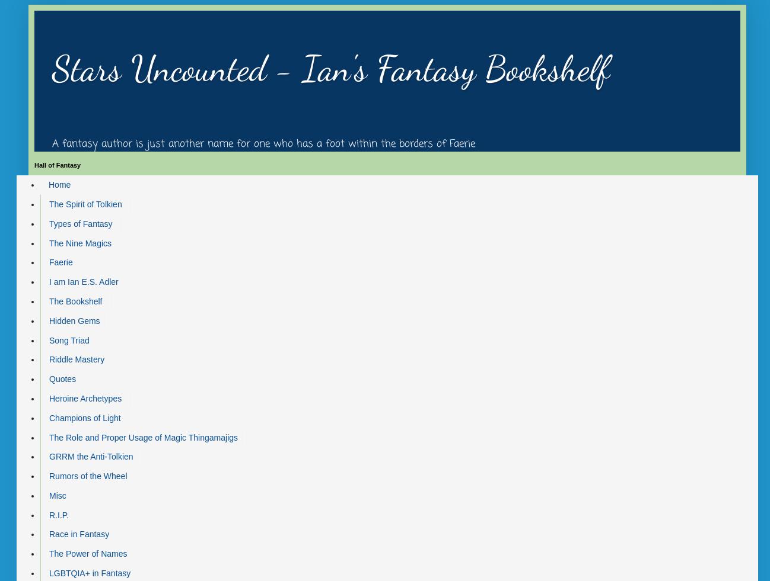  I want to click on 'The Role and Proper Usage of Magic Thingamajigs', so click(143, 437).